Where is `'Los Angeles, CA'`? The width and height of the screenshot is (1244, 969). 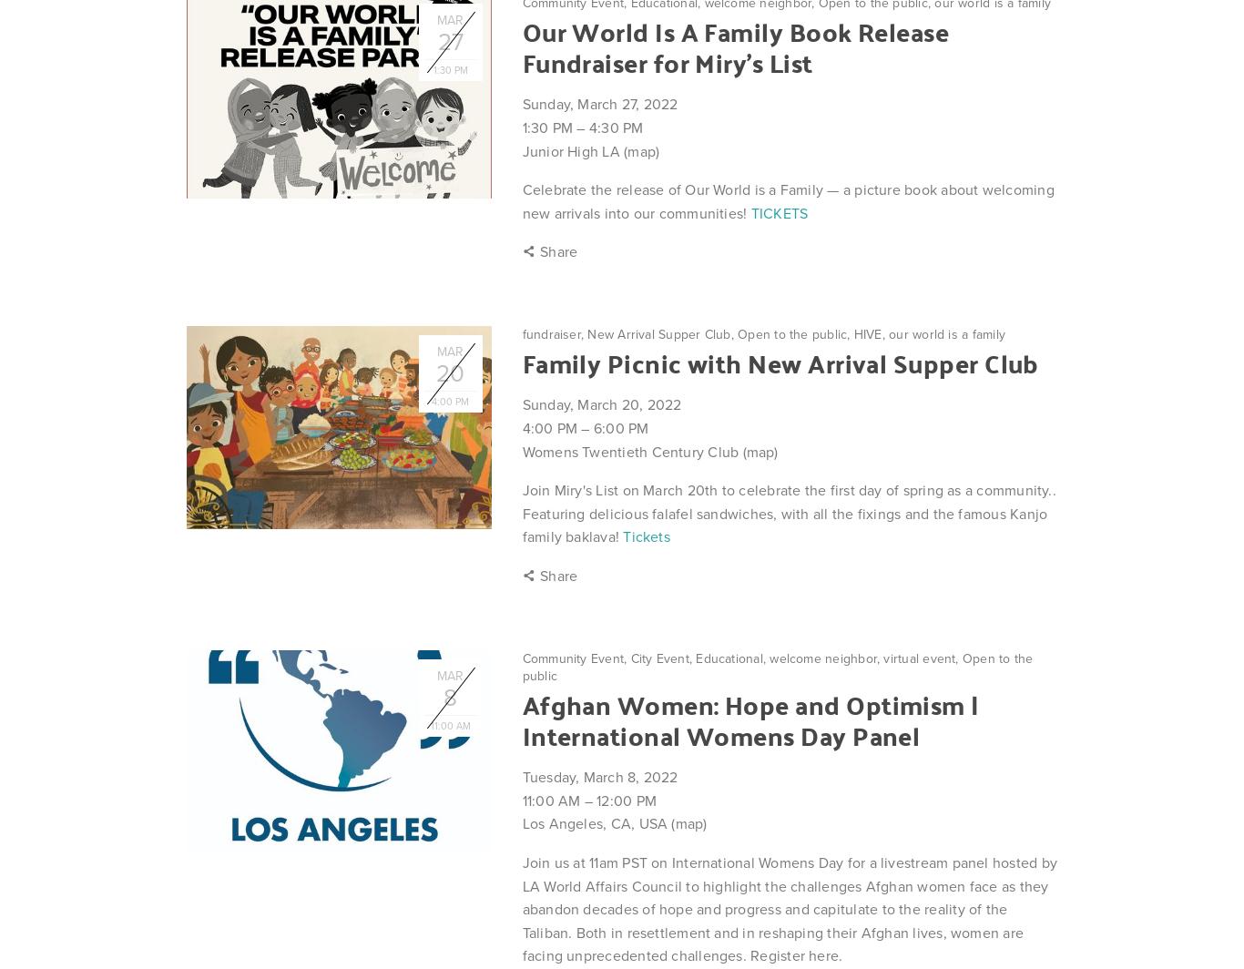
'Los Angeles, CA' is located at coordinates (576, 823).